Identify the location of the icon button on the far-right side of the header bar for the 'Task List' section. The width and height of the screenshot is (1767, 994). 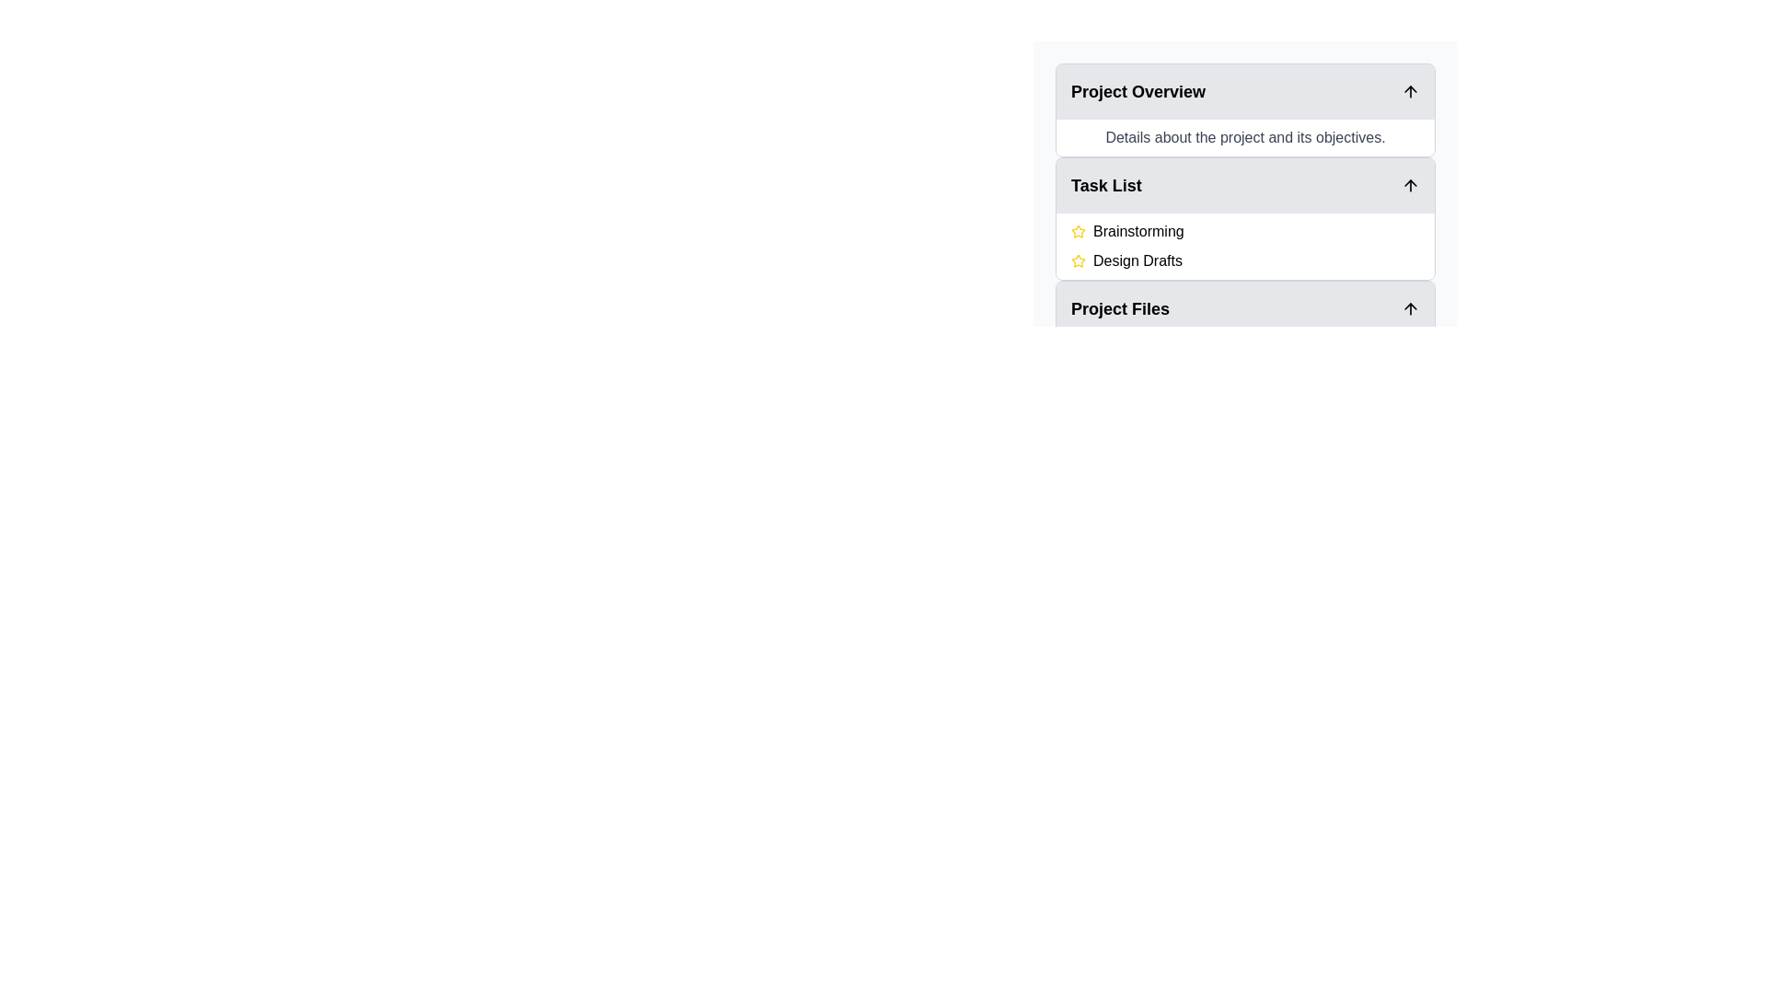
(1409, 185).